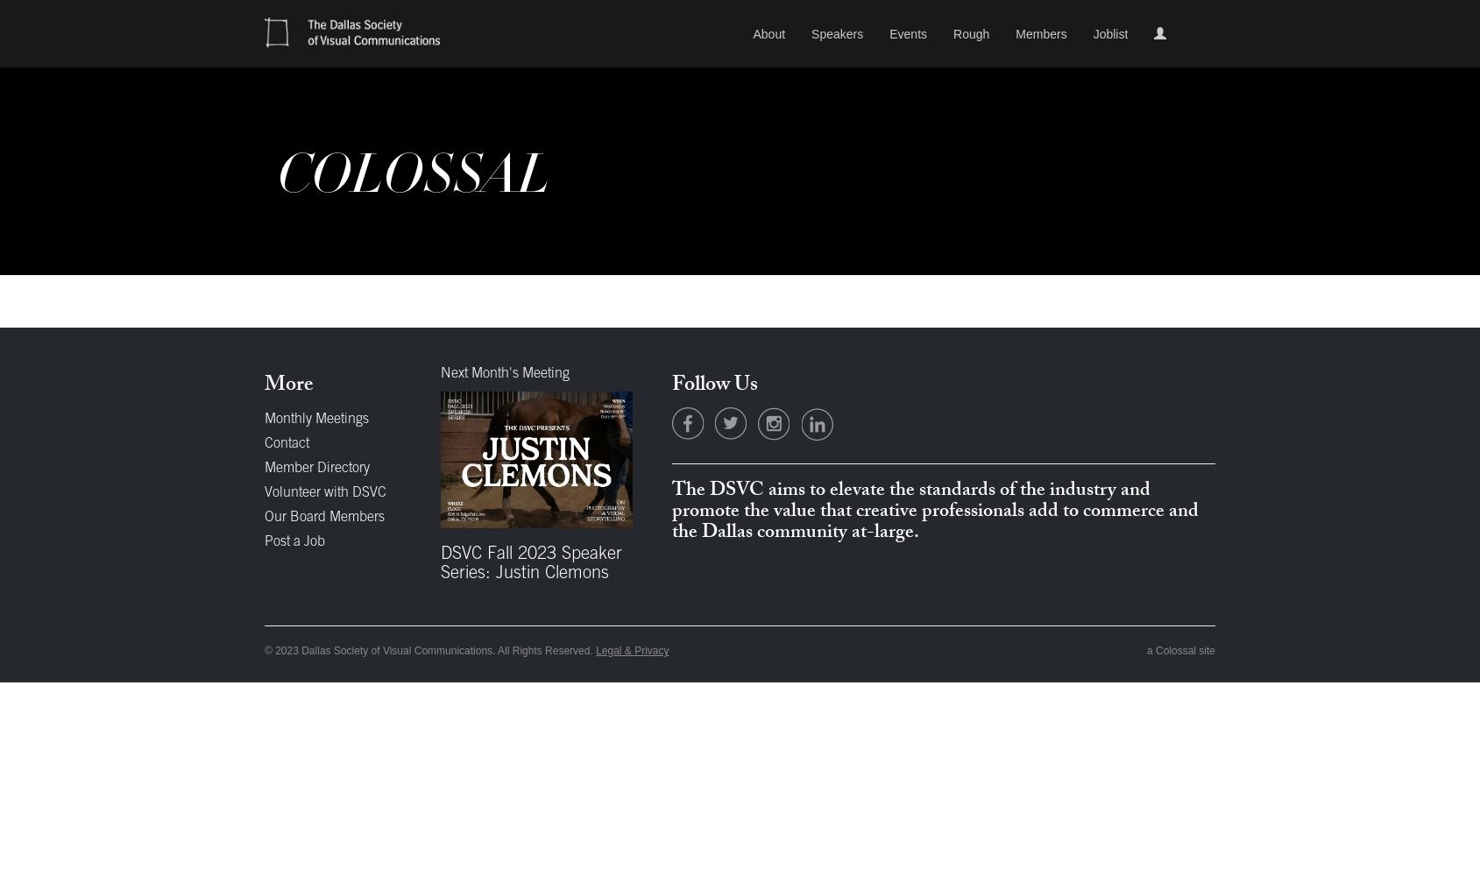  I want to click on 'Volunteer with DSVC', so click(325, 492).